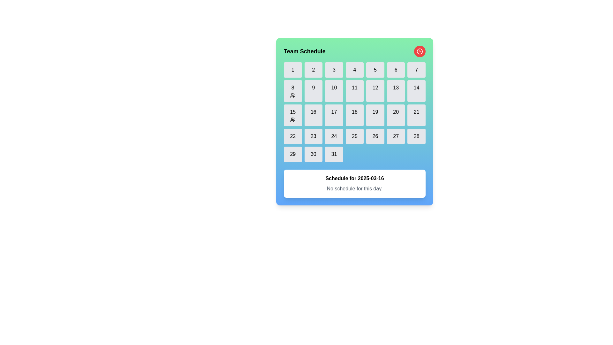  What do you see at coordinates (313, 70) in the screenshot?
I see `the text label indicating the second day in the calendar grid of the 'Team Schedule' interface` at bounding box center [313, 70].